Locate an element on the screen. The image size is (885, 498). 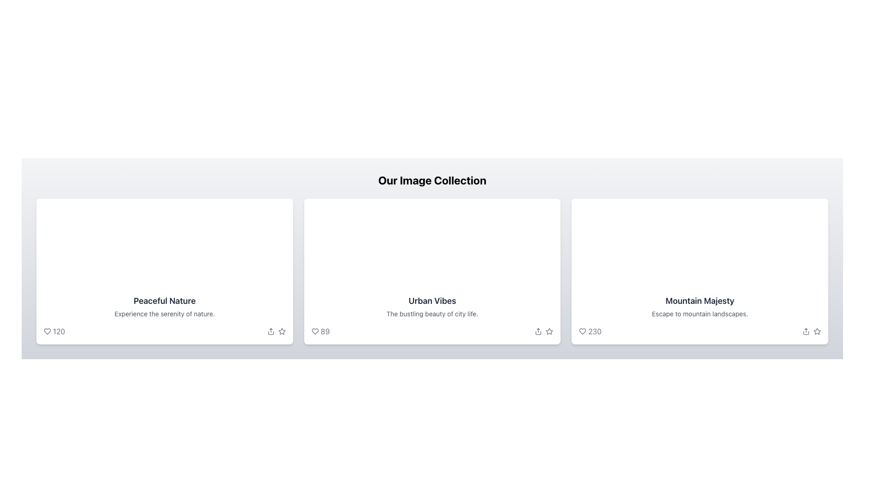
the like icon located at the bottom-right corner of the 'Peaceful Nature' card to express interest or save the item is located at coordinates (47, 331).